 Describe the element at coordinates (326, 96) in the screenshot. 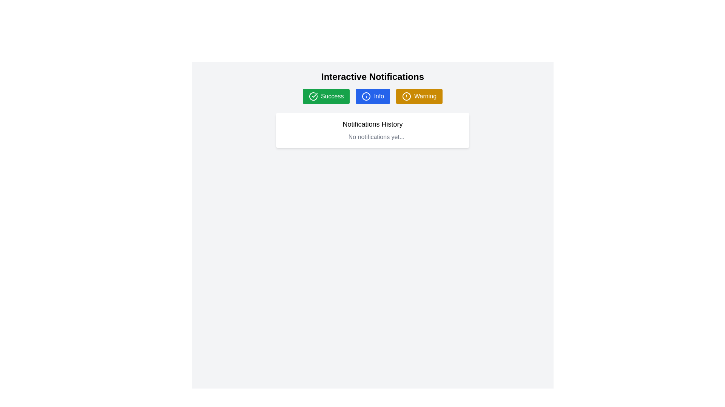

I see `the green 'Success' button with a white checkmark icon, located beneath the 'Interactive Notifications' heading` at that location.